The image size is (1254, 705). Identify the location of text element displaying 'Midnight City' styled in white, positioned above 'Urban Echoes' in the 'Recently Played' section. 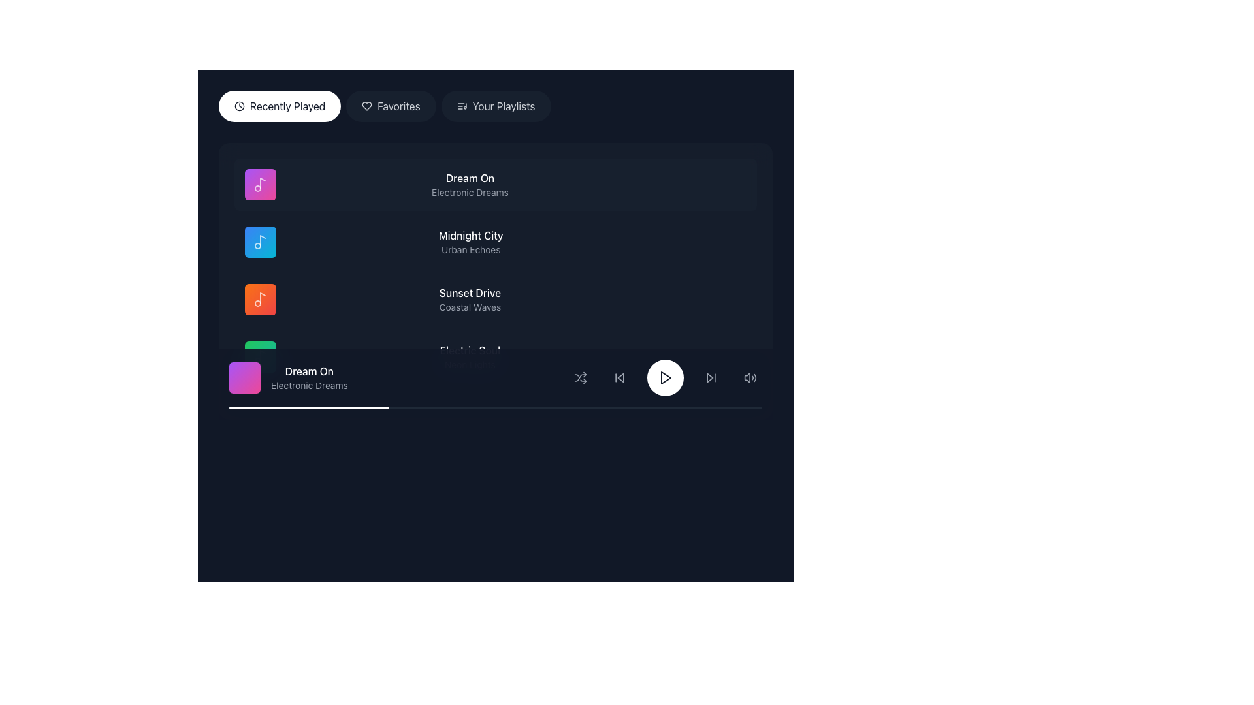
(470, 236).